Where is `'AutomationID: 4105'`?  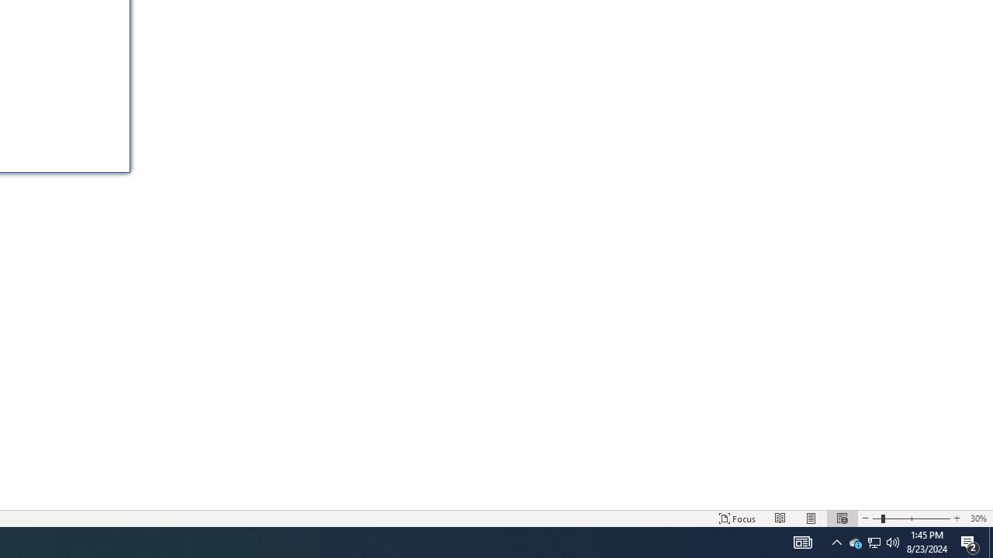 'AutomationID: 4105' is located at coordinates (802, 541).